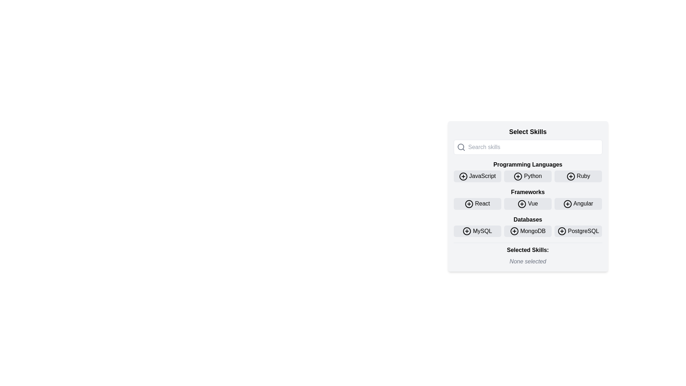 This screenshot has height=386, width=686. I want to click on the circular '+' icon button in the 'Angular' section of the 'Select Skills' interface, so click(567, 204).